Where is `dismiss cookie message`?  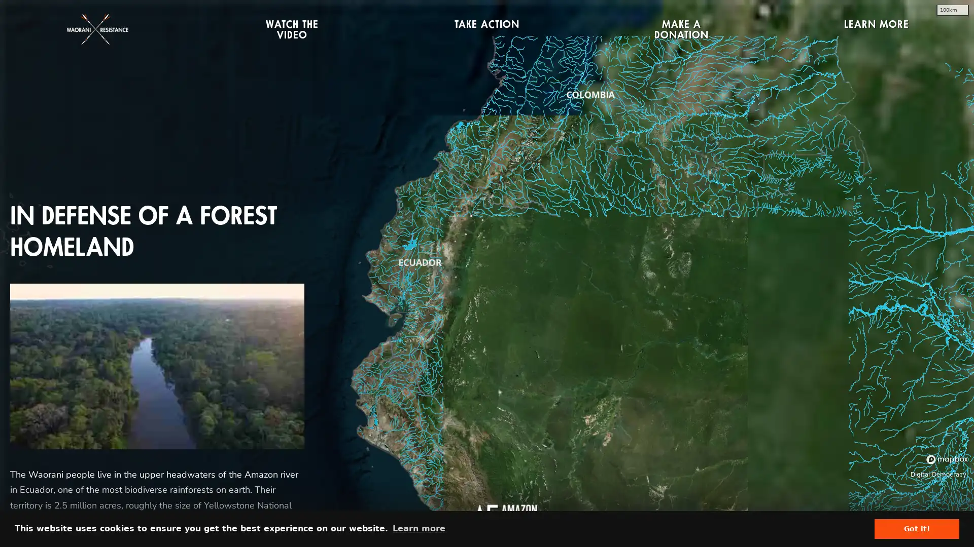
dismiss cookie message is located at coordinates (917, 528).